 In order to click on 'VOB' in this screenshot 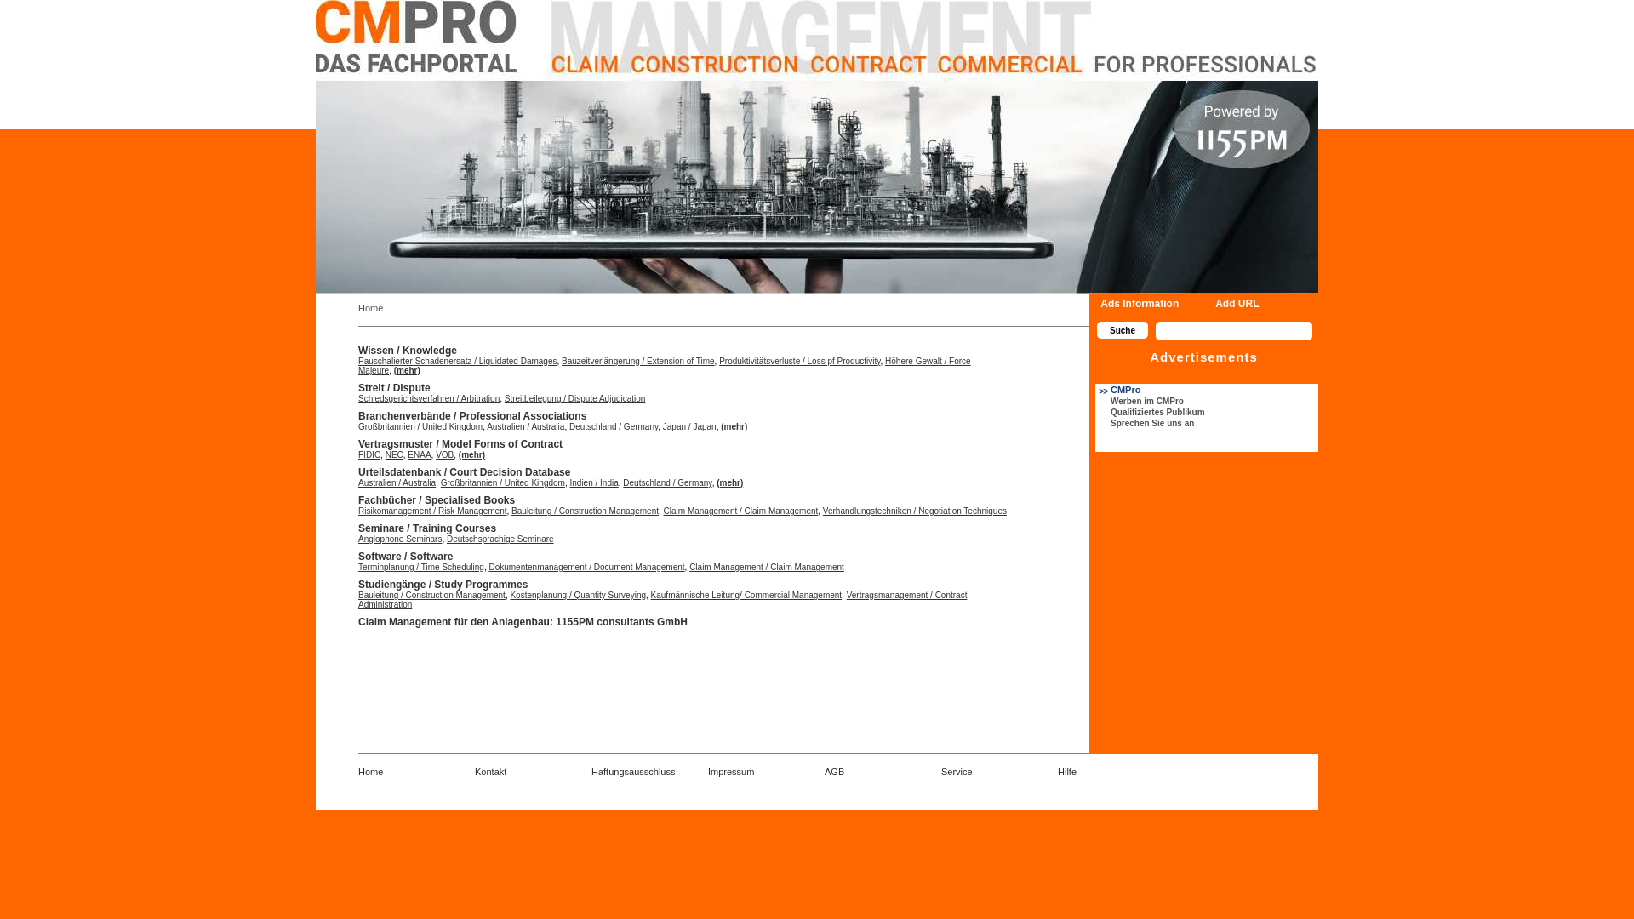, I will do `click(444, 454)`.